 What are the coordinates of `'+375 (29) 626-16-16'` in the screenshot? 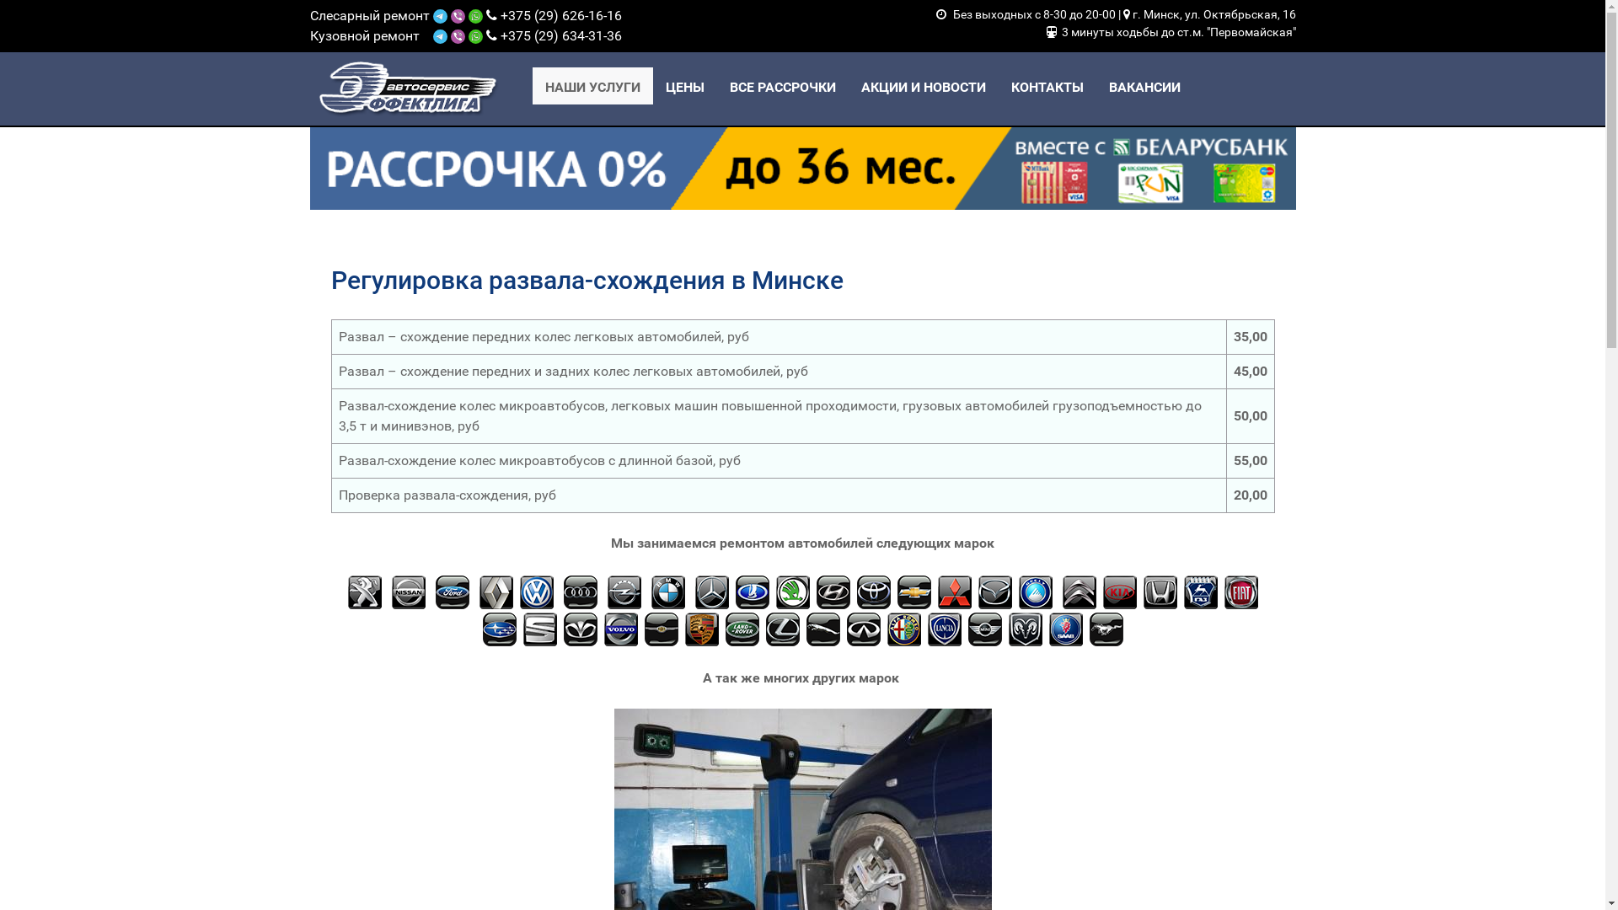 It's located at (561, 15).